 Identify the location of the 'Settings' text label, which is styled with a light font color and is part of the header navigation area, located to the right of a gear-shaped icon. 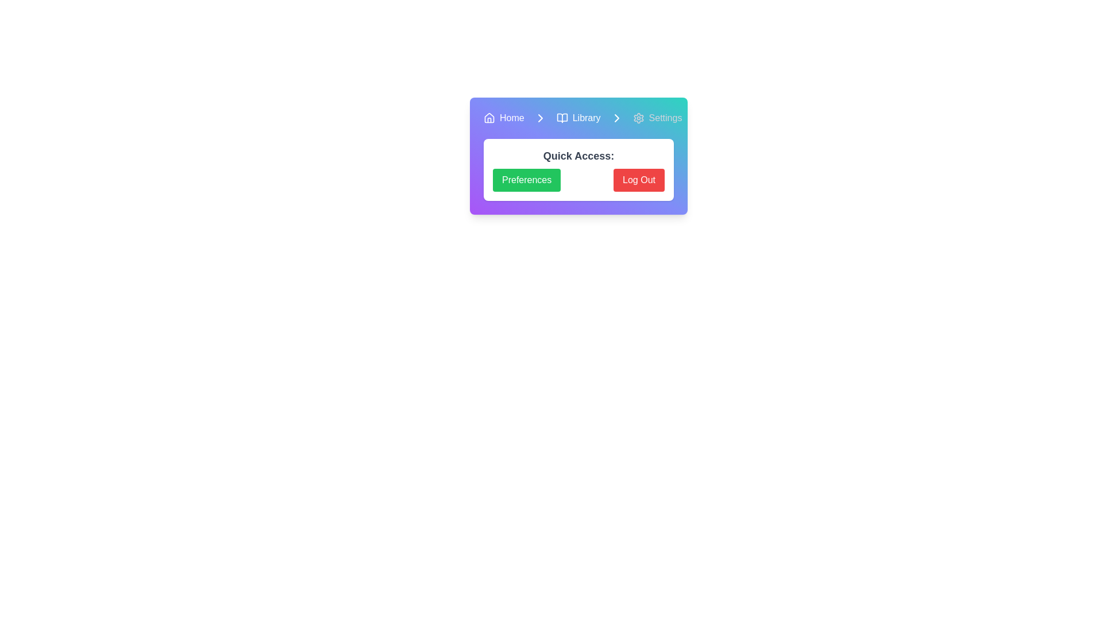
(665, 118).